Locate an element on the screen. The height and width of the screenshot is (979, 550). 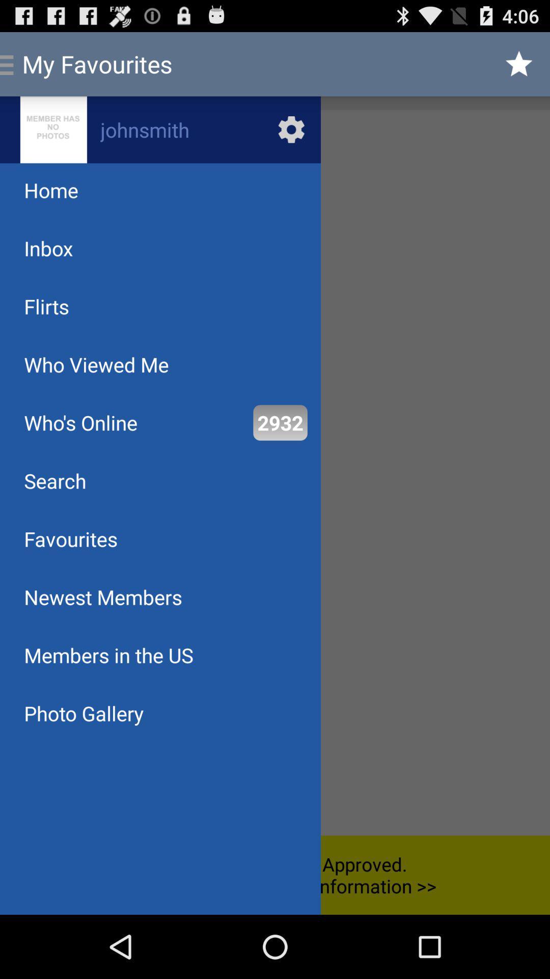
text beside johnsmith is located at coordinates (53, 129).